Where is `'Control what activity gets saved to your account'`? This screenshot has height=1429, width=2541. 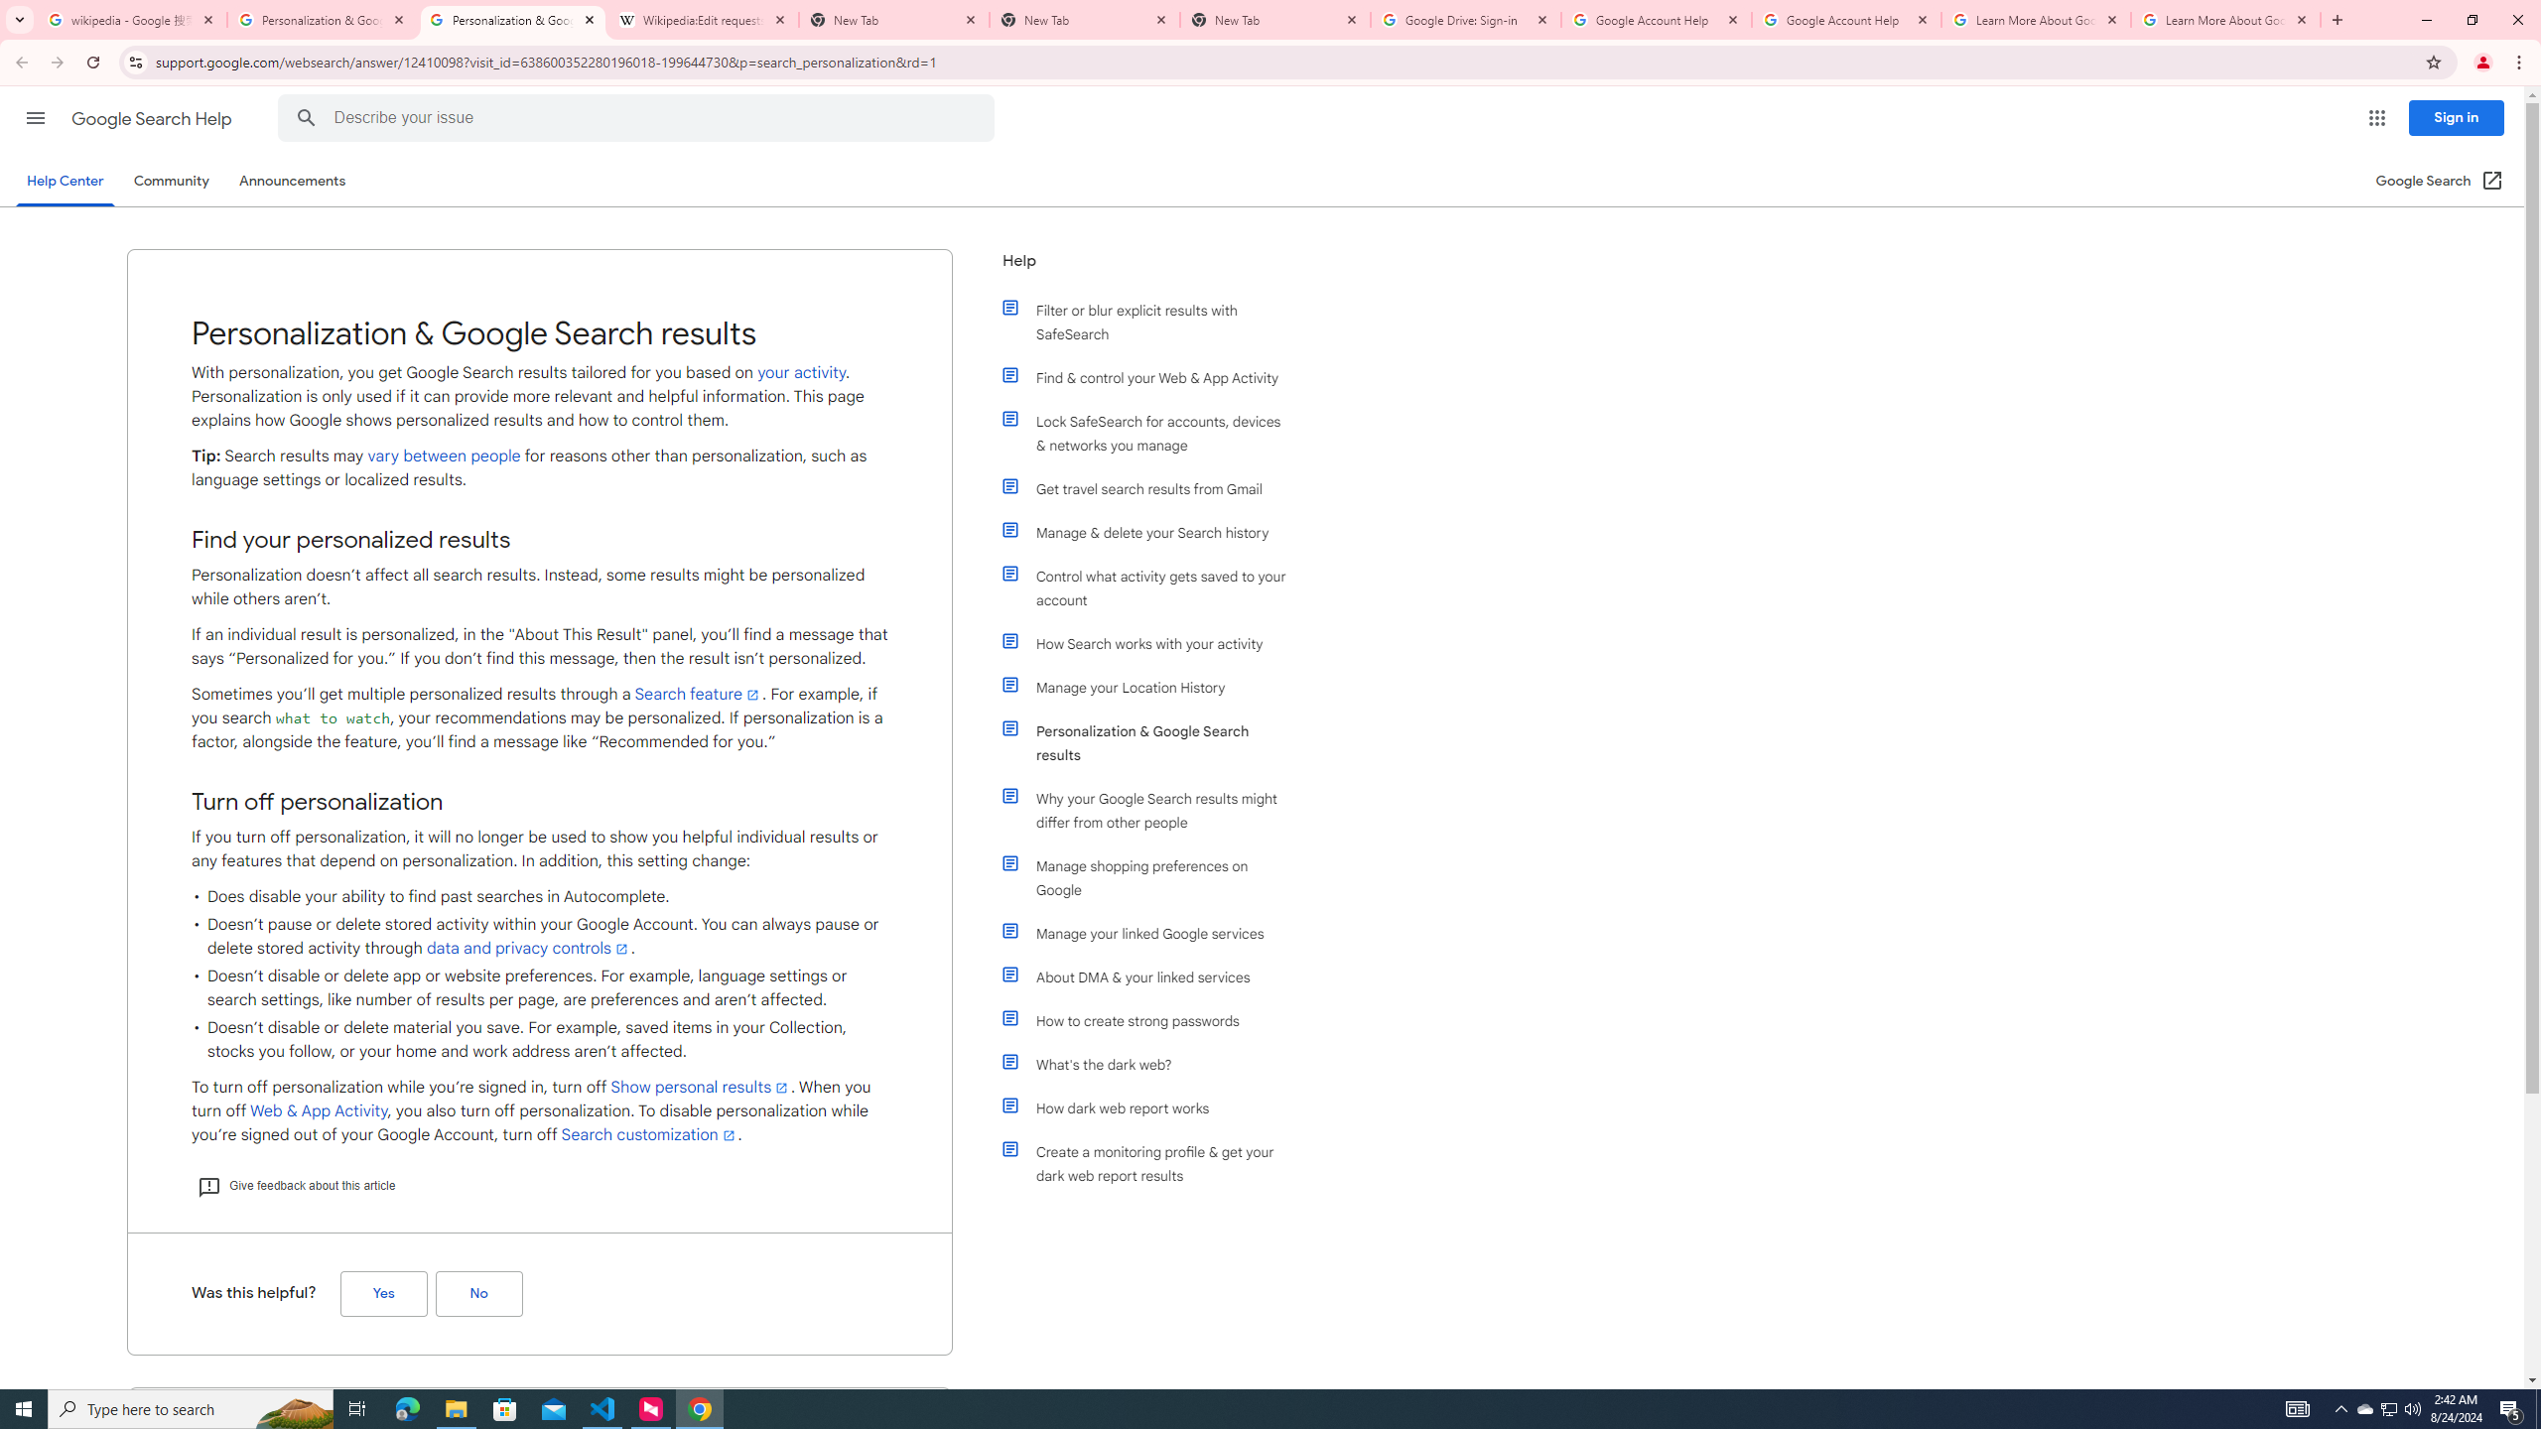
'Control what activity gets saved to your account' is located at coordinates (1153, 586).